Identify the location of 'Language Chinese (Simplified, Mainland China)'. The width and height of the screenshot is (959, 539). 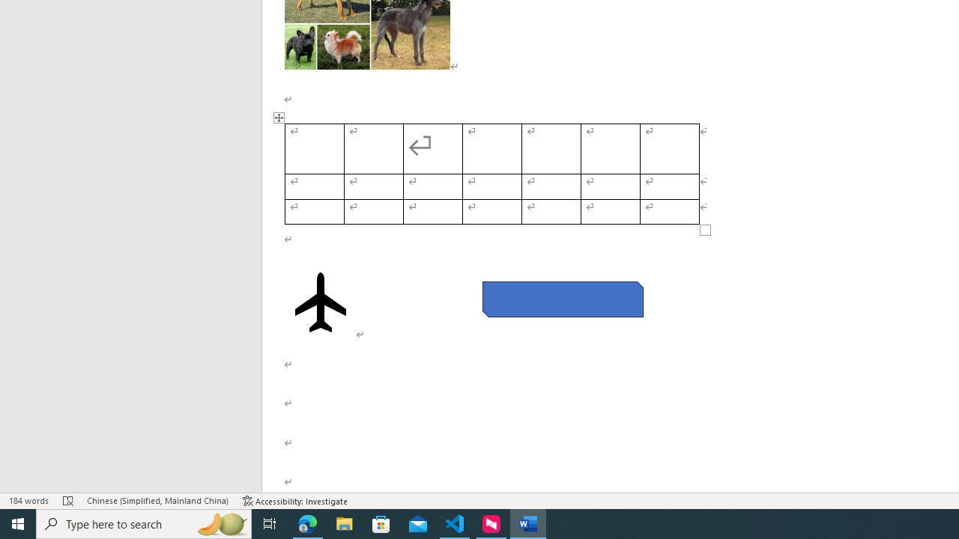
(157, 501).